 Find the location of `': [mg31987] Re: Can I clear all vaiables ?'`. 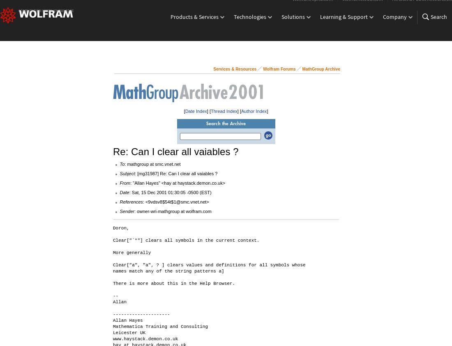

': [mg31987] Re: Can I clear all vaiables ?' is located at coordinates (175, 174).